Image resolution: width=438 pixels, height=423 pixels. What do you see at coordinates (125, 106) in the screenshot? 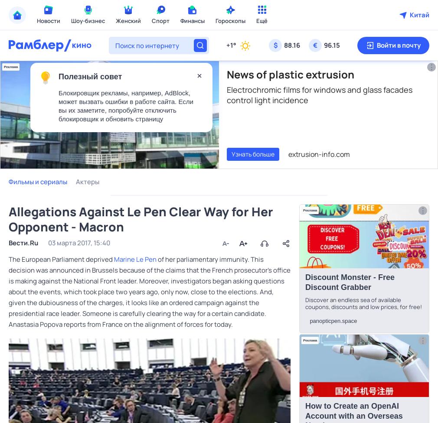
I see `'Блокировщик рекламы, например, AdBlock, может вызвать ошибки в
    работе сайта. Если вы их заметите, попробуйте отключить блокировщик и обновить страницу'` at bounding box center [125, 106].